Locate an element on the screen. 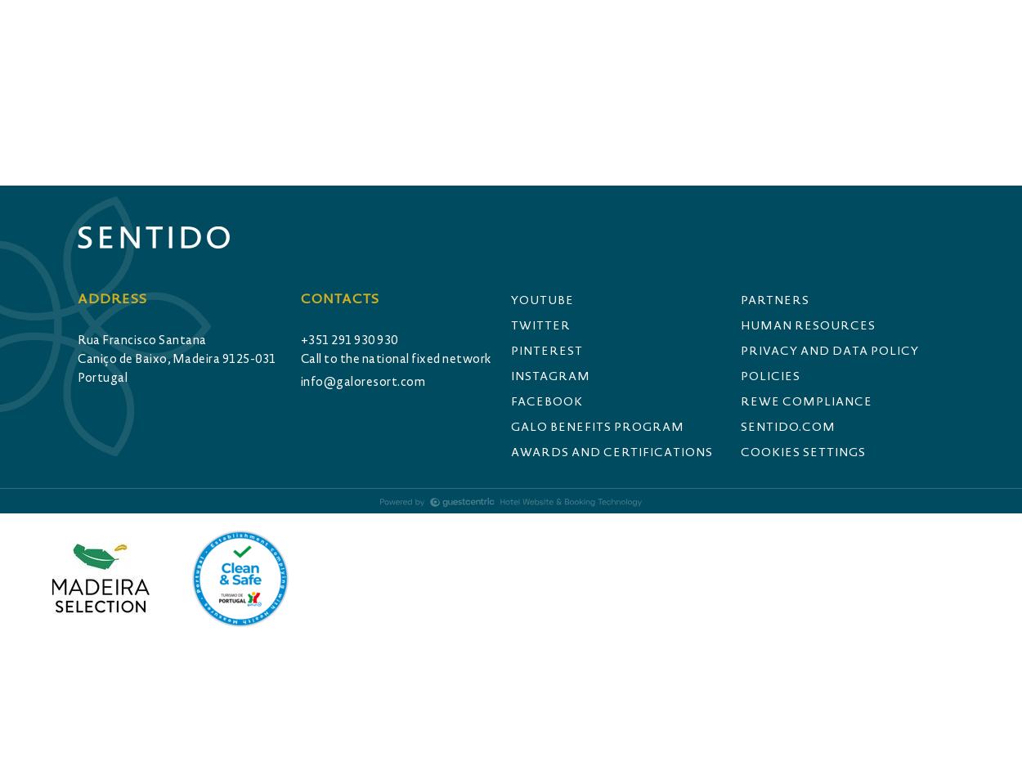 Image resolution: width=1022 pixels, height=775 pixels. 'Rua Francisco Santana' is located at coordinates (141, 338).